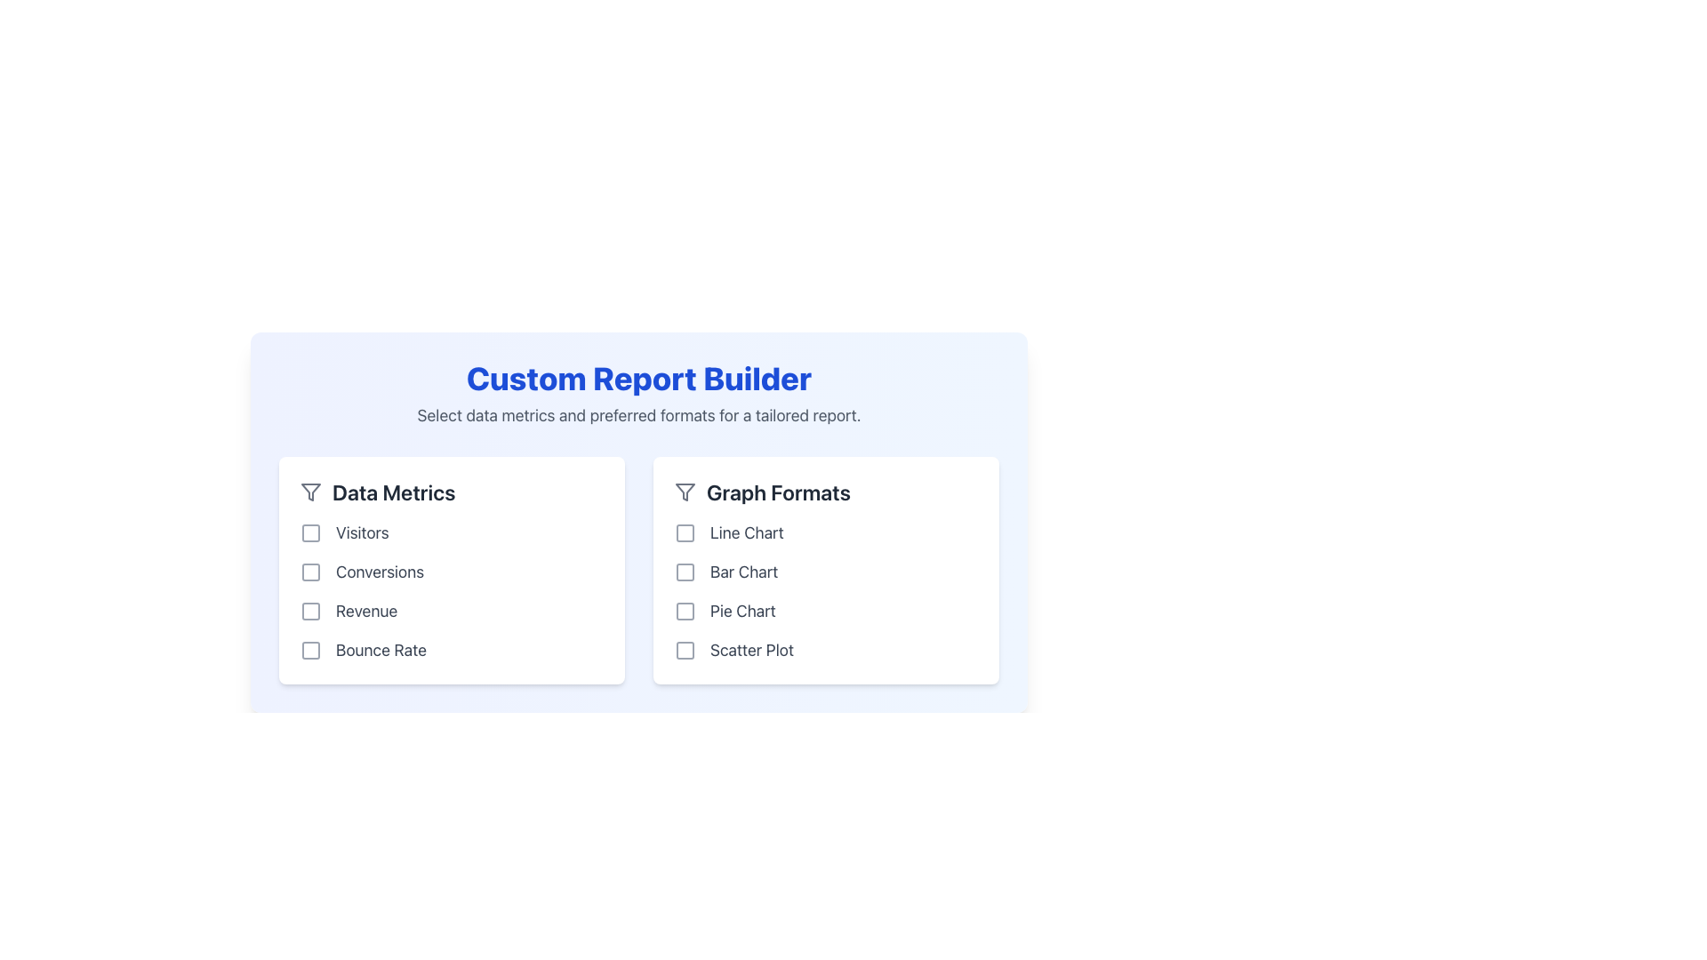  Describe the element at coordinates (311, 532) in the screenshot. I see `the checkbox with a gray outline and rounded corners located next to the text 'Visitors' in the 'Data Metrics' section` at that location.